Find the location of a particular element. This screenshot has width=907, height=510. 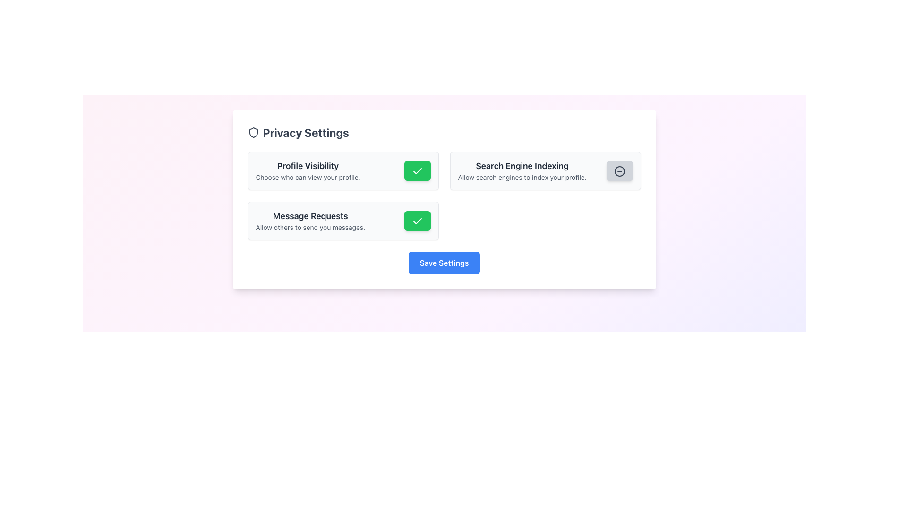

the circular gray button with a 'minus' icon located in the 'Search Engine Indexing' section is located at coordinates (619, 171).